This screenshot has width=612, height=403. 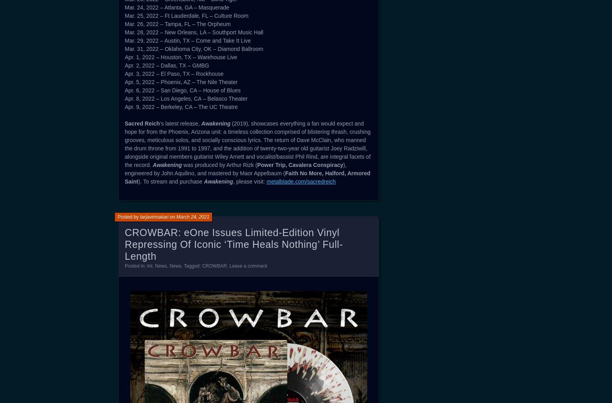 What do you see at coordinates (135, 266) in the screenshot?
I see `'Posted in:'` at bounding box center [135, 266].